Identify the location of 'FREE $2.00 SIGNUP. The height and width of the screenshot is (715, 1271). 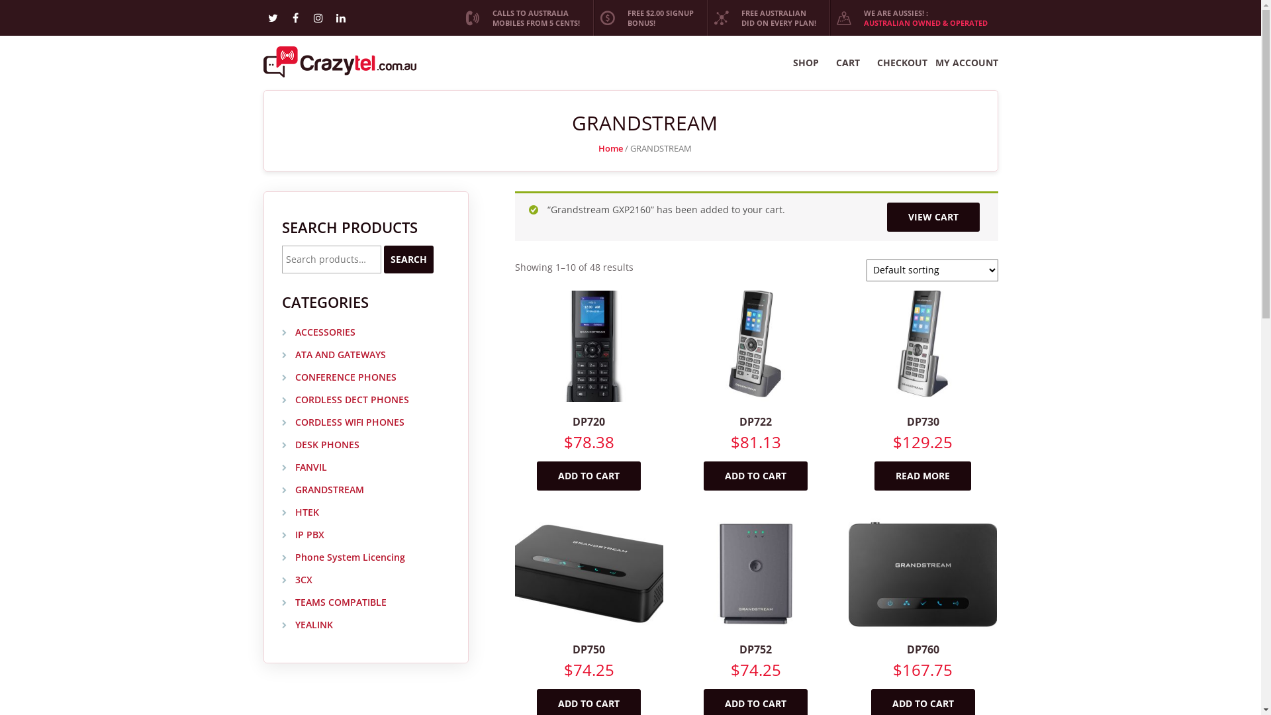
(648, 18).